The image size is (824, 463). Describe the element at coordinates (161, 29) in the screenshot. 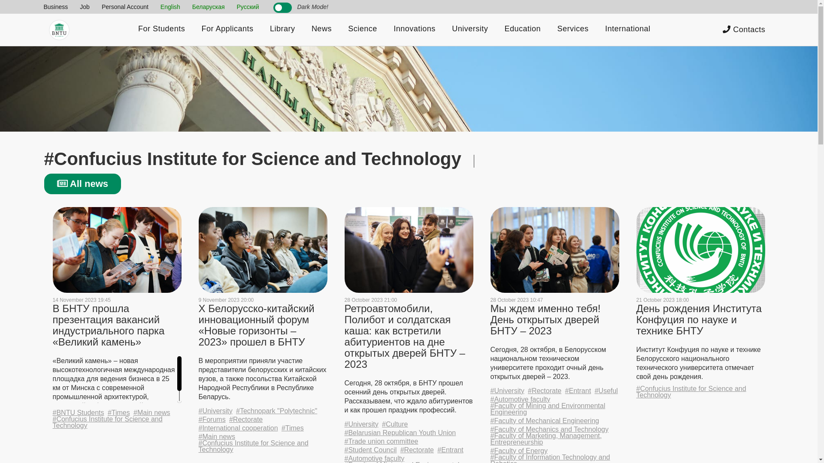

I see `'For Students'` at that location.